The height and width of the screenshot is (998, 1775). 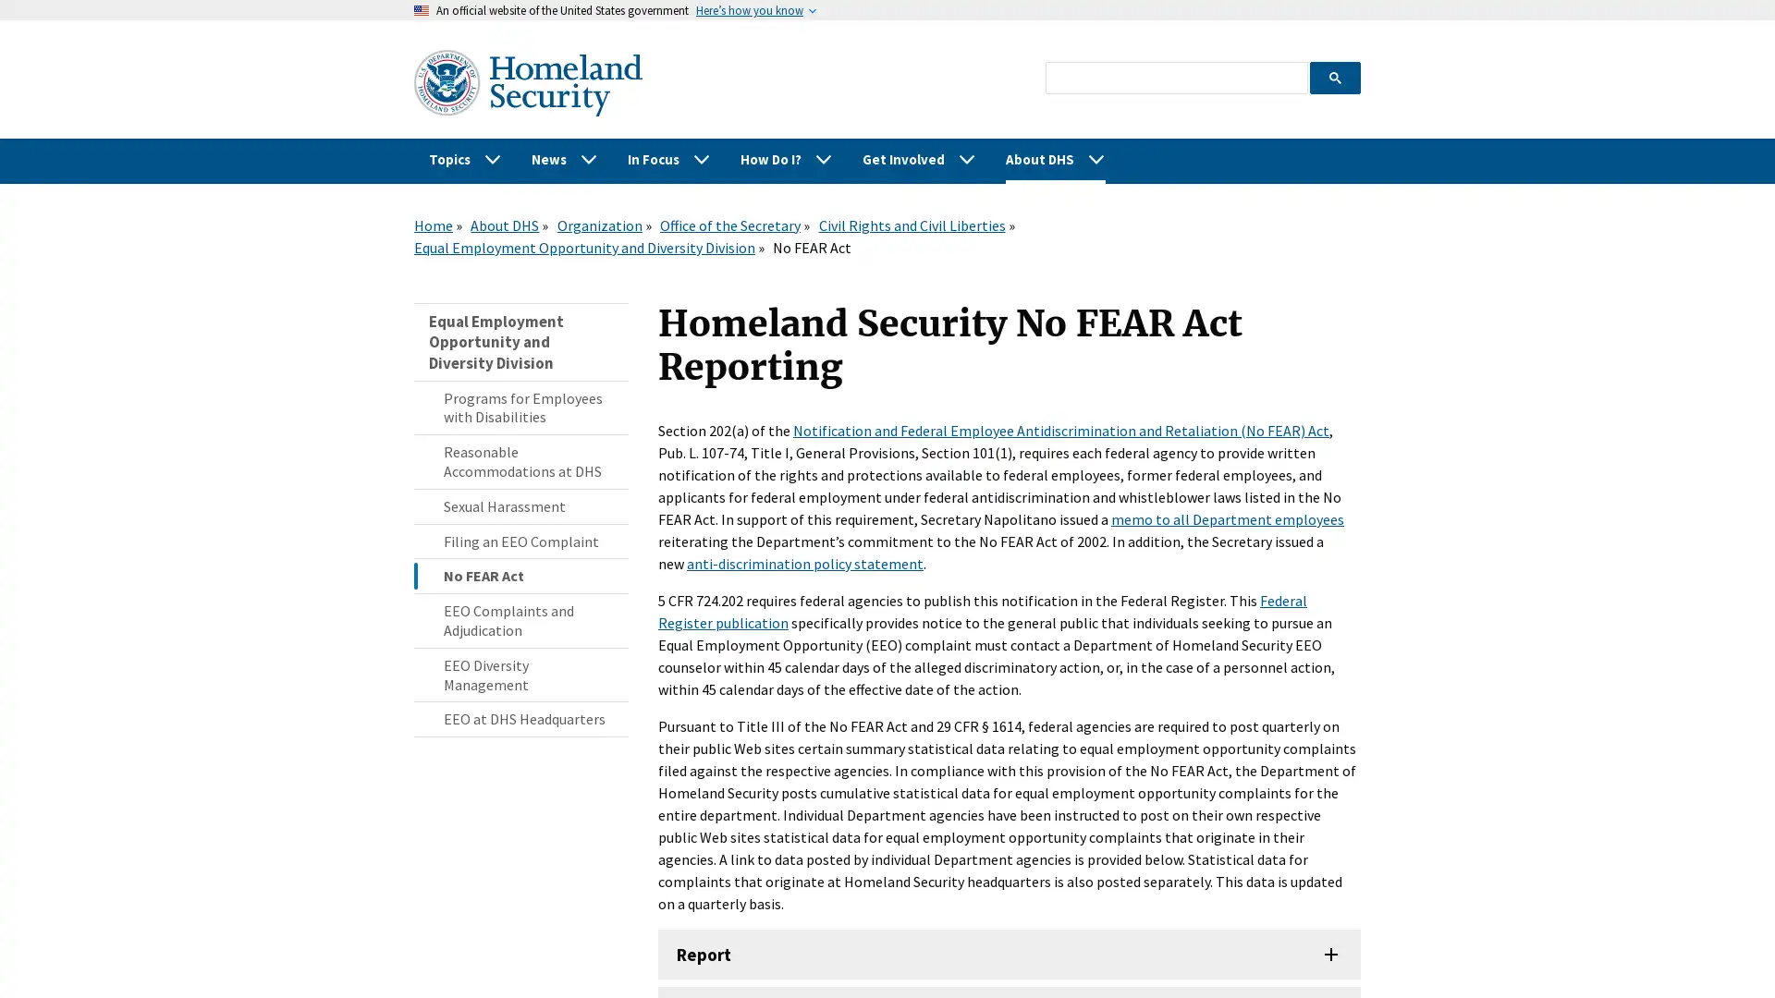 What do you see at coordinates (1334, 76) in the screenshot?
I see `search` at bounding box center [1334, 76].